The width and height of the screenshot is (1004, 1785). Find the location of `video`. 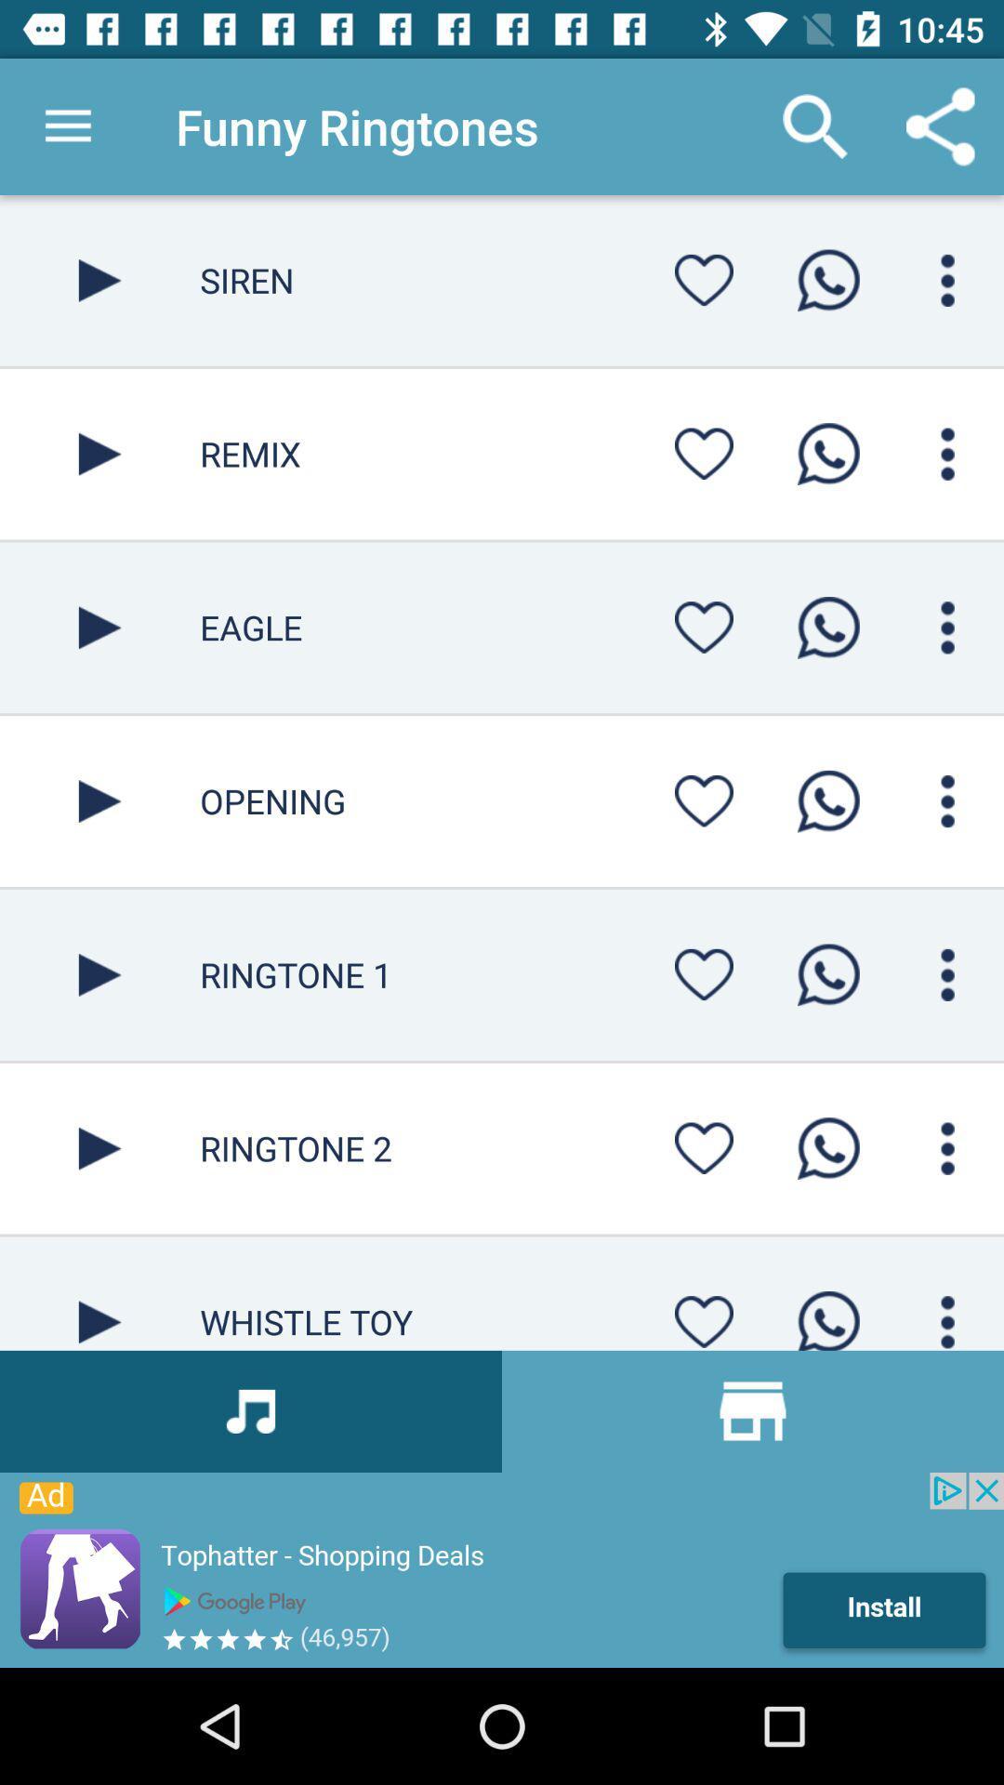

video is located at coordinates (99, 1292).